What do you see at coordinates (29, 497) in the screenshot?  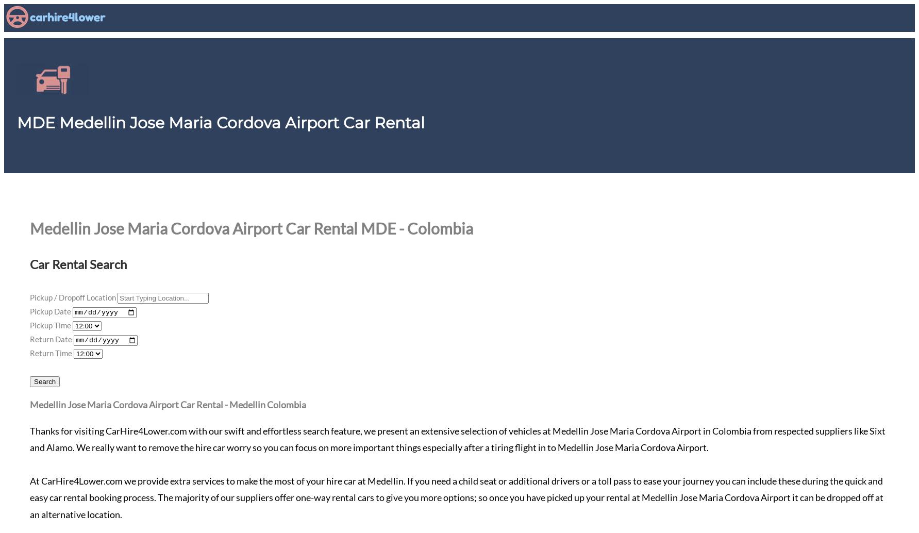 I see `'At CarHire4Lower.com we provide extra services to make the most of your hire car at Medellin. If you need a child seat or additional drivers or a toll pass to ease your journey you can include these during the quick and easy car rental booking process. The majority of our suppliers offer one-way rental cars to give you more options; so once you have picked up your rental at Medellin Jose Maria Cordova Airport it can be dropped off at an alternative location.'` at bounding box center [29, 497].